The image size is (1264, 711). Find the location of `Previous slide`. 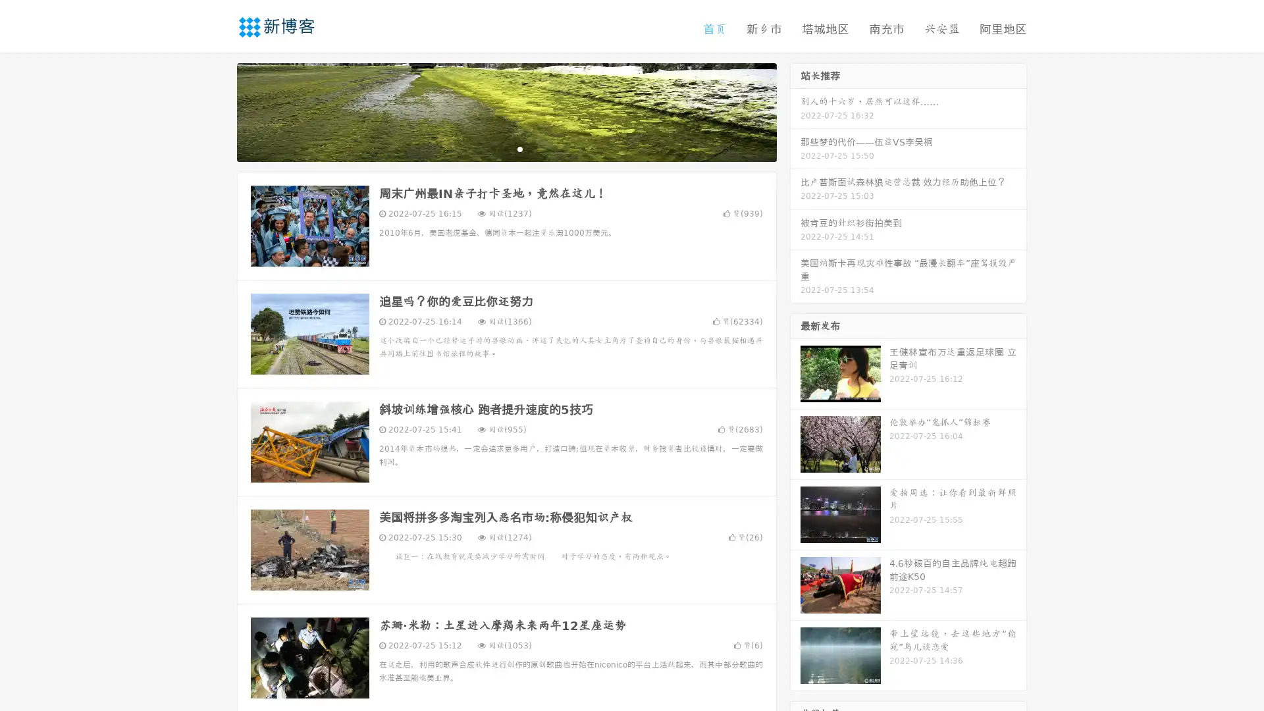

Previous slide is located at coordinates (217, 111).